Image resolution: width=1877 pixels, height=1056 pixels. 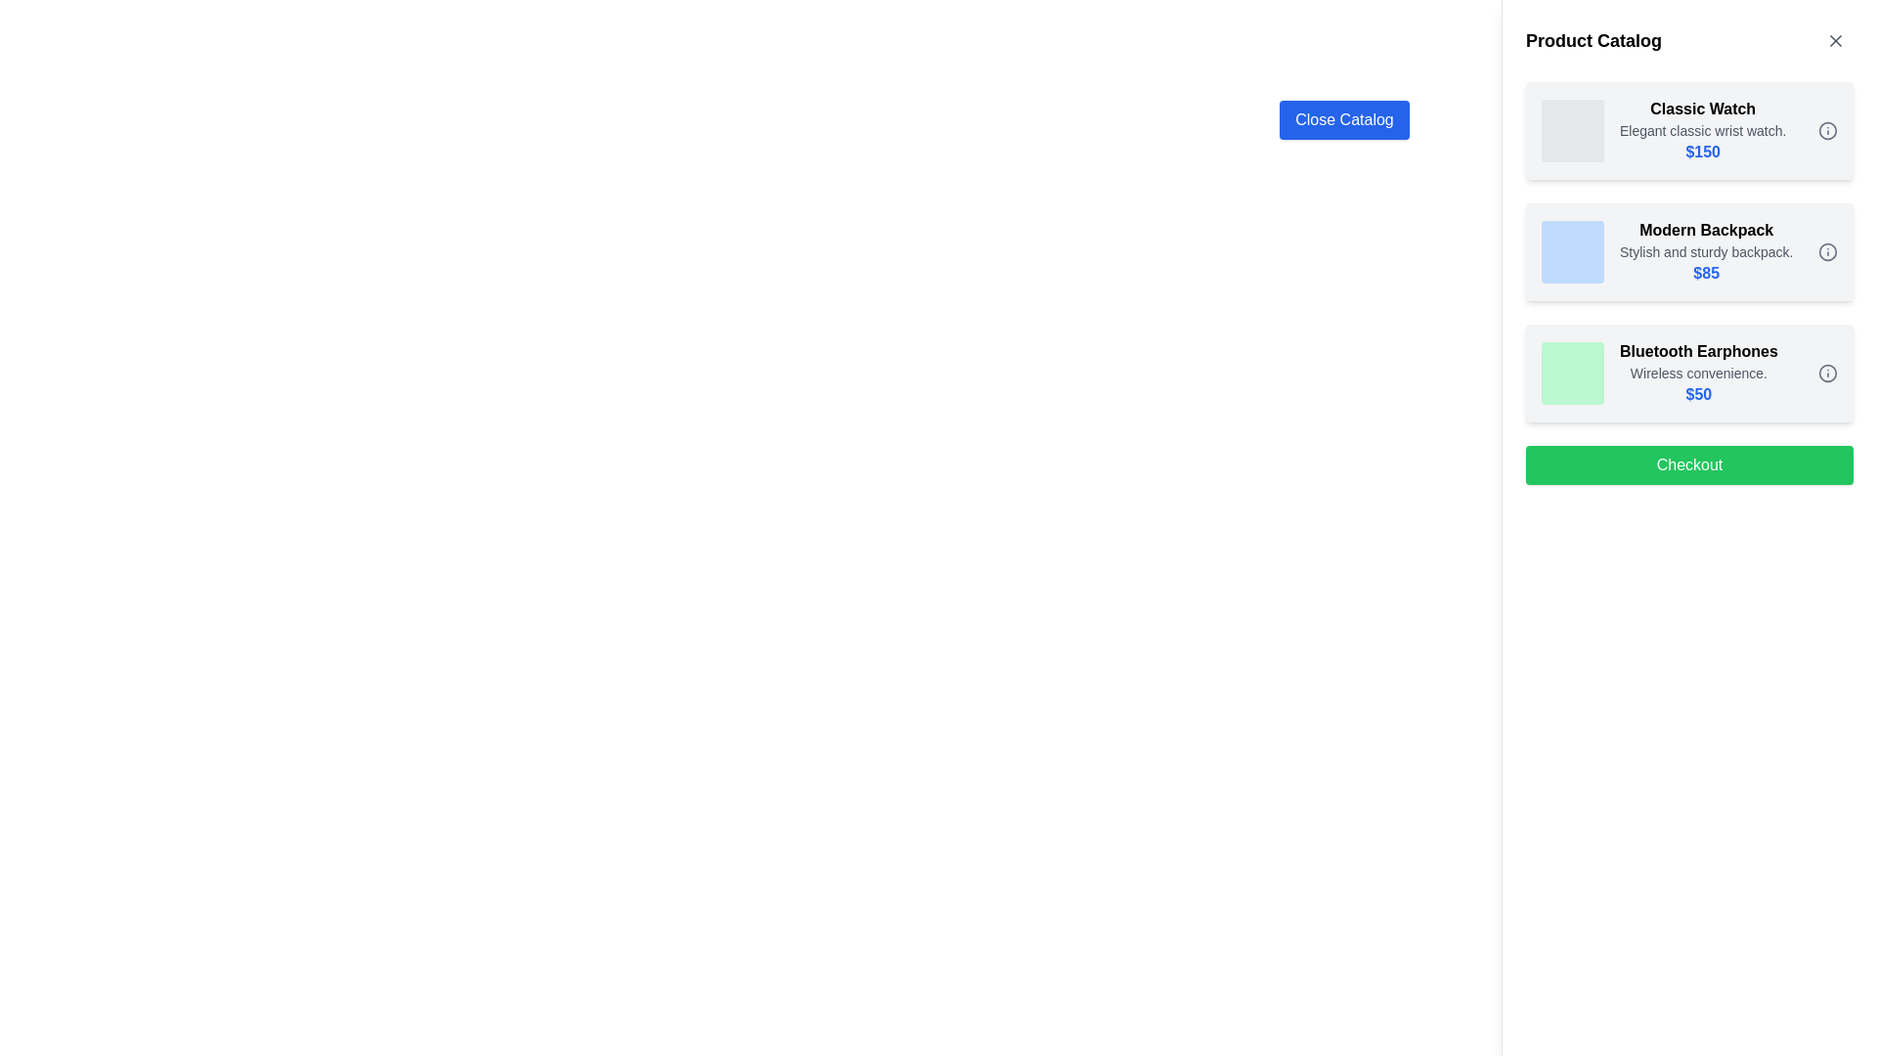 I want to click on the information icon (circular icon with 'i') located in the top-right corner of the 'Bluetooth Earphones' card, so click(x=1827, y=373).